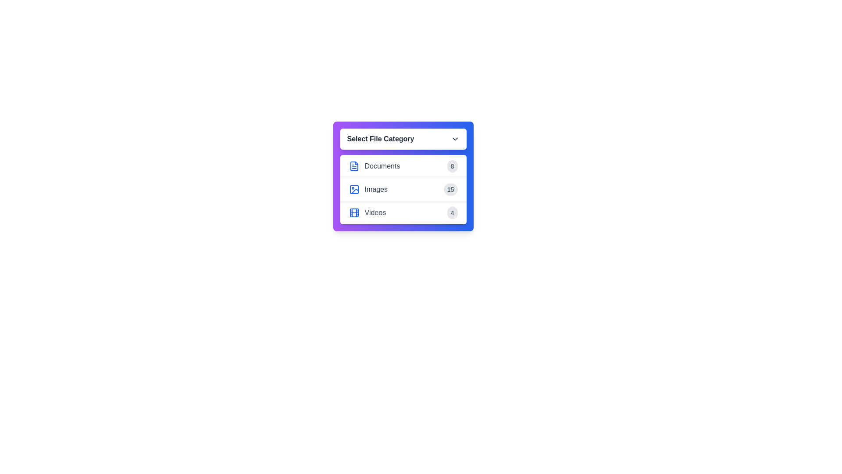 This screenshot has height=474, width=842. Describe the element at coordinates (354, 189) in the screenshot. I see `the first icon in the 'Images' category row of the dropdown dialog under 'Select File Category' if it is interactive` at that location.